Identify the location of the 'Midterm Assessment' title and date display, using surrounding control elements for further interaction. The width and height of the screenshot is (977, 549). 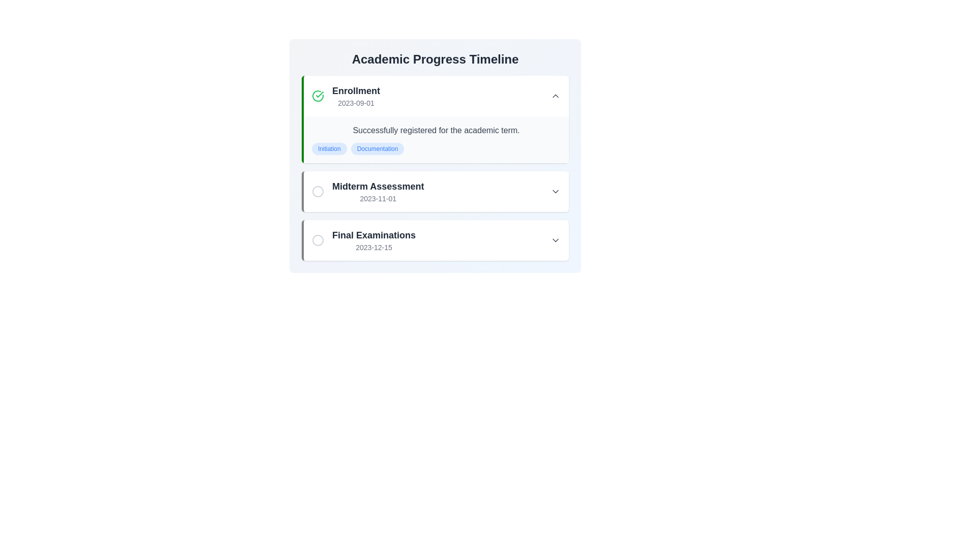
(378, 192).